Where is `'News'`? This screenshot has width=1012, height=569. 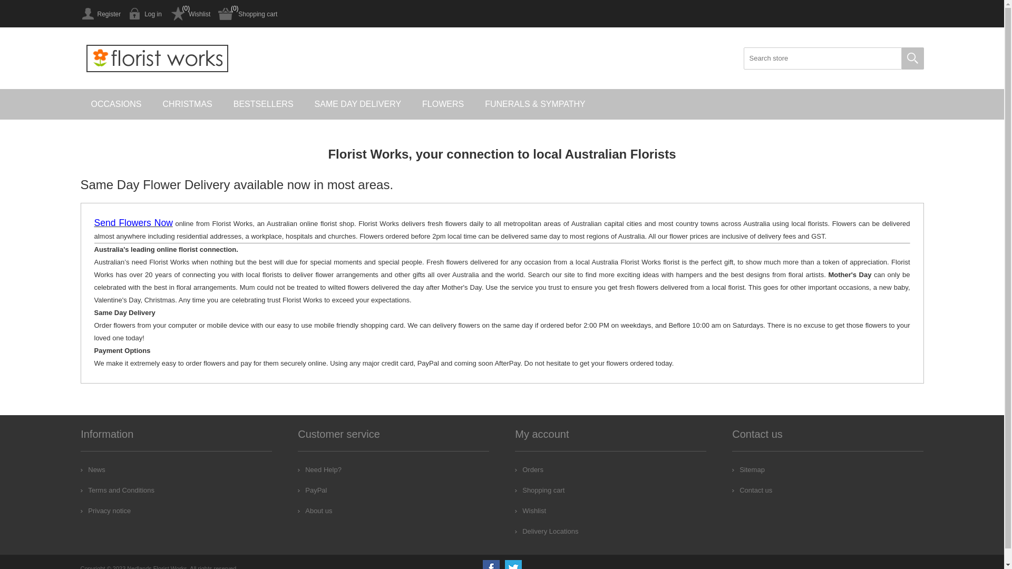 'News' is located at coordinates (93, 469).